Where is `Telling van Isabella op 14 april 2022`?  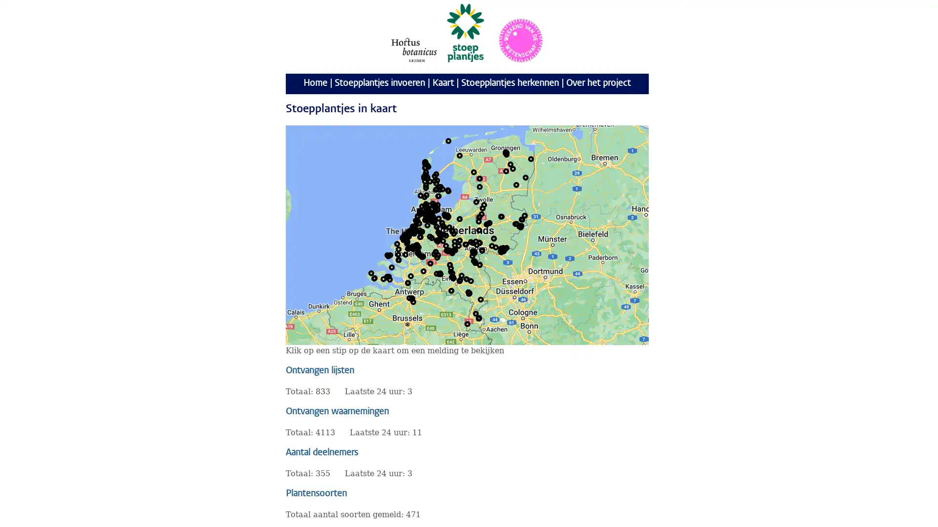
Telling van Isabella op 14 april 2022 is located at coordinates (431, 214).